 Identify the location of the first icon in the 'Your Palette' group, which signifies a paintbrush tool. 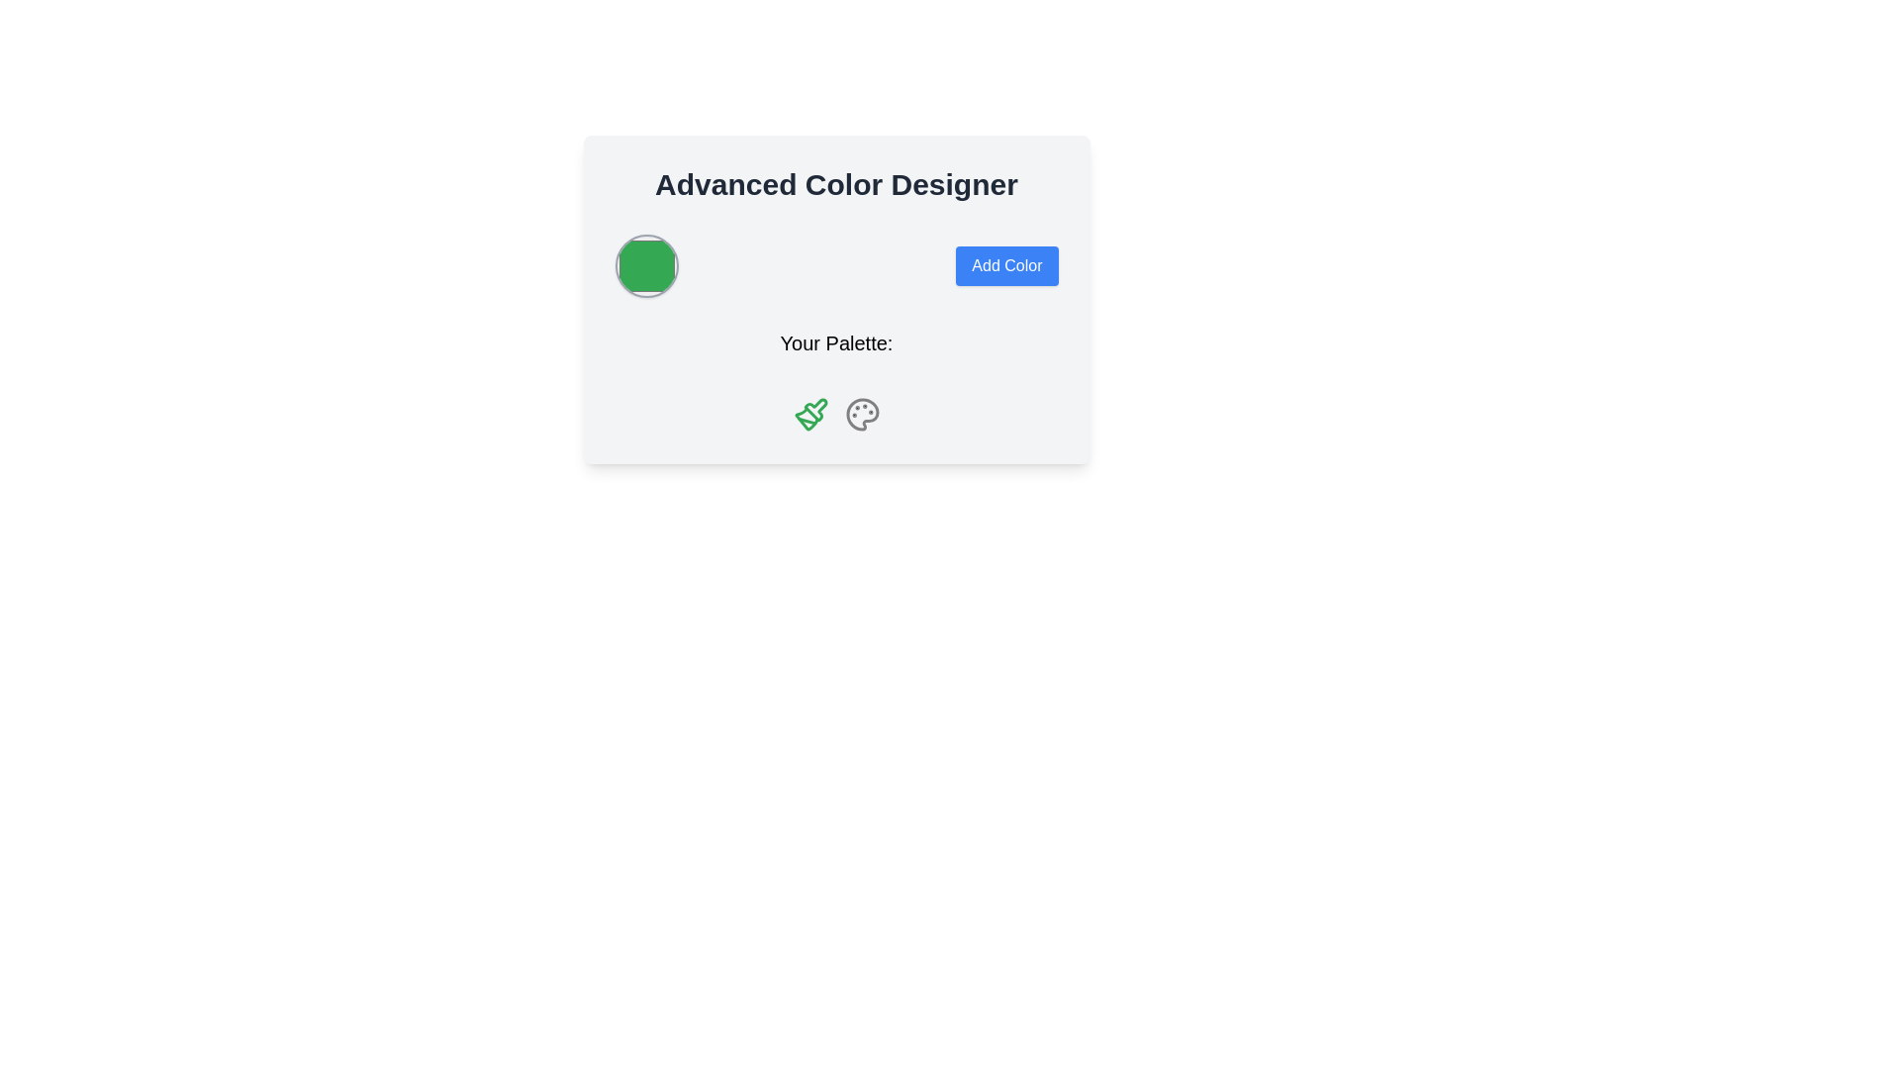
(810, 414).